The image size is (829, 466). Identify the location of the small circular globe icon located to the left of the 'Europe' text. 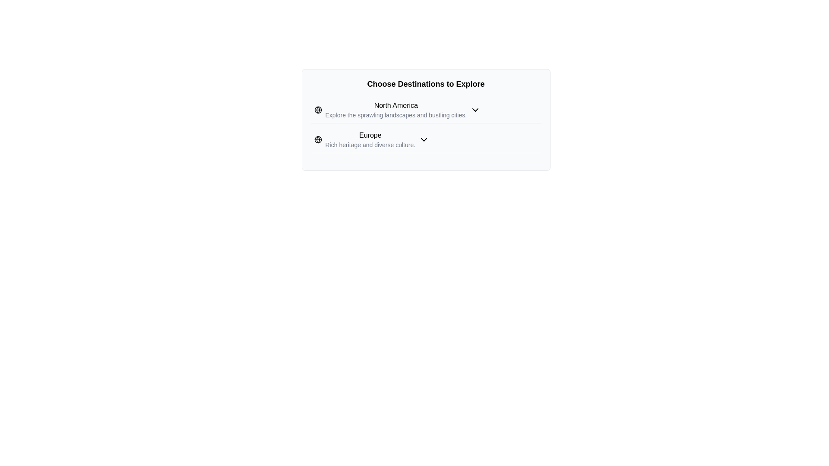
(317, 139).